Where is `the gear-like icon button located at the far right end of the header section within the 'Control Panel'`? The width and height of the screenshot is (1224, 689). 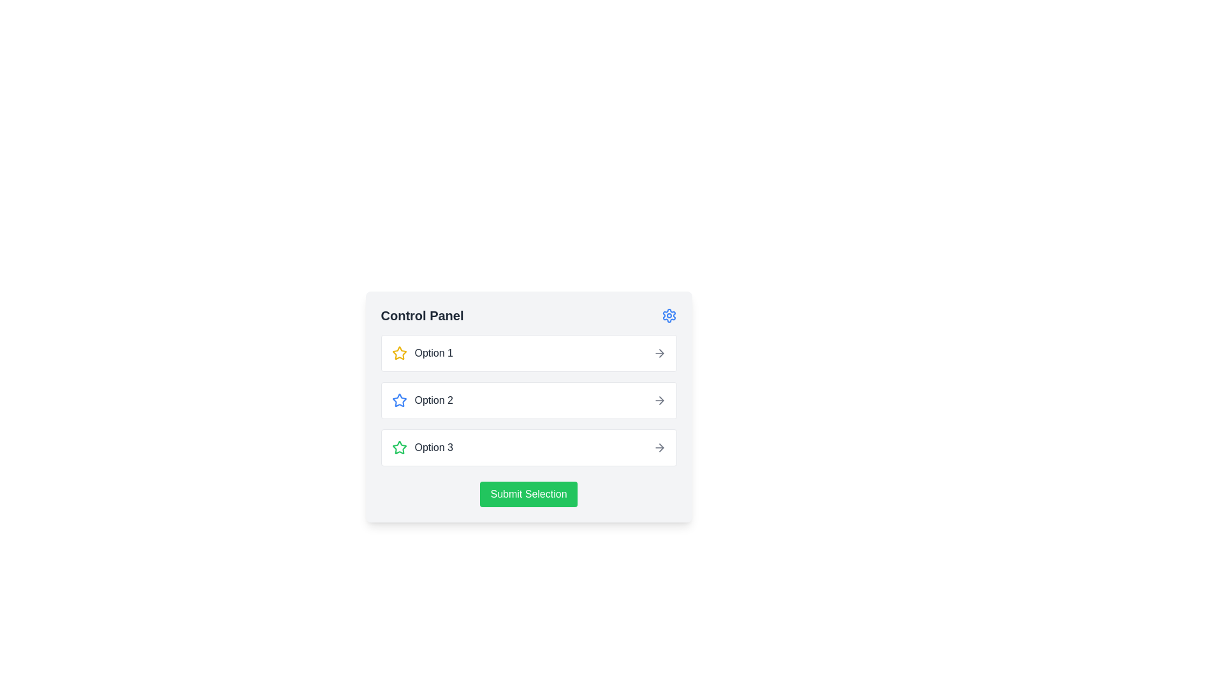
the gear-like icon button located at the far right end of the header section within the 'Control Panel' is located at coordinates (668, 315).